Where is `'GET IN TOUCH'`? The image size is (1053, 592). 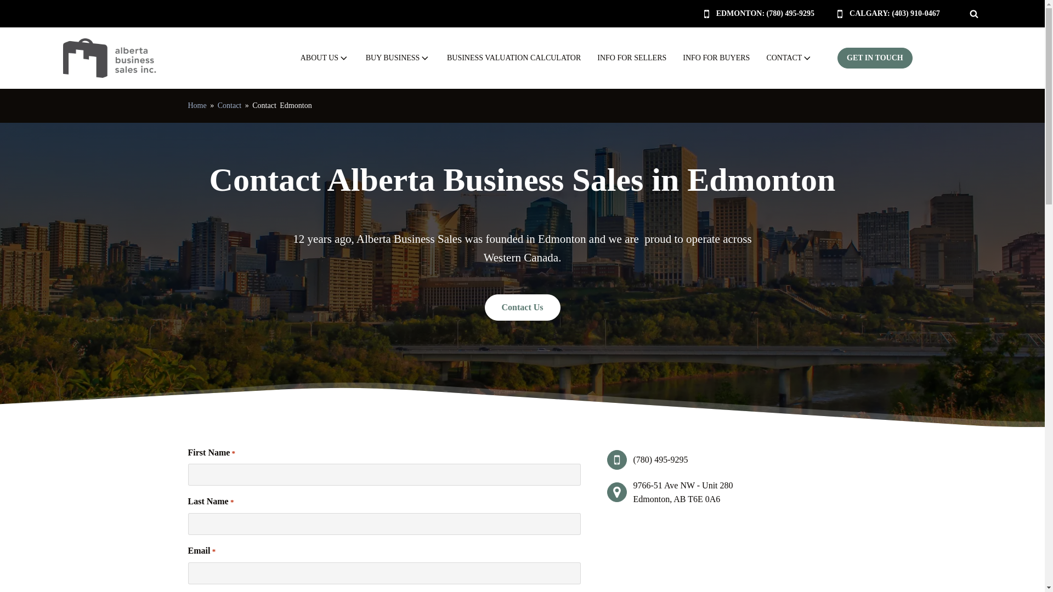 'GET IN TOUCH' is located at coordinates (874, 58).